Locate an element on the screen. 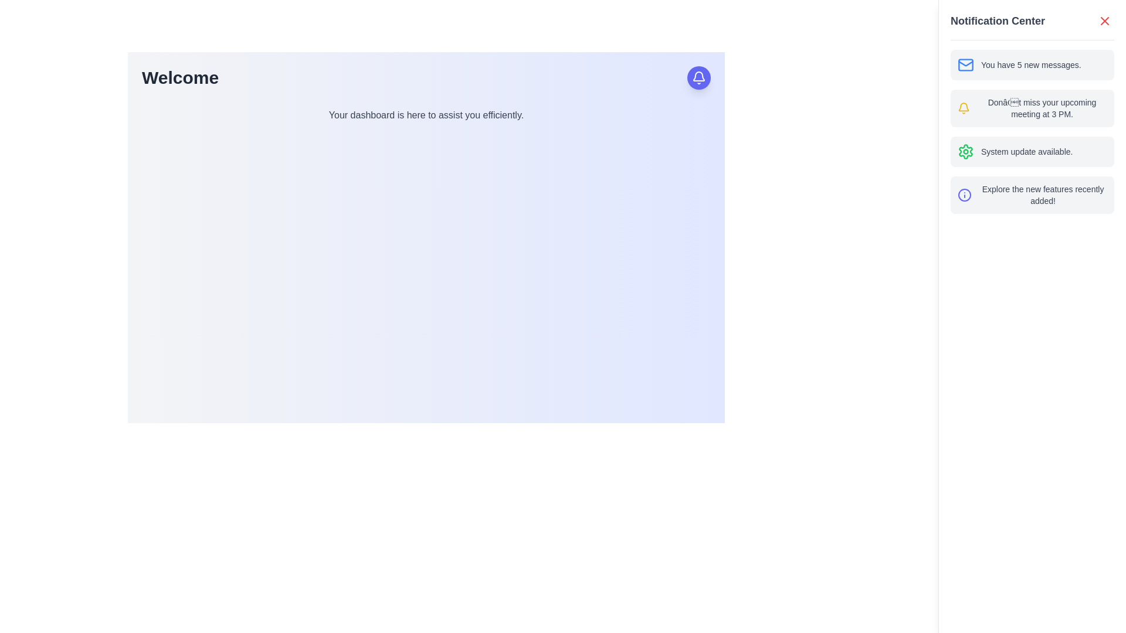 This screenshot has height=633, width=1126. text content of the second notification in the notification panel, which informs about an upcoming meeting scheduled at 3 PM is located at coordinates (1042, 108).